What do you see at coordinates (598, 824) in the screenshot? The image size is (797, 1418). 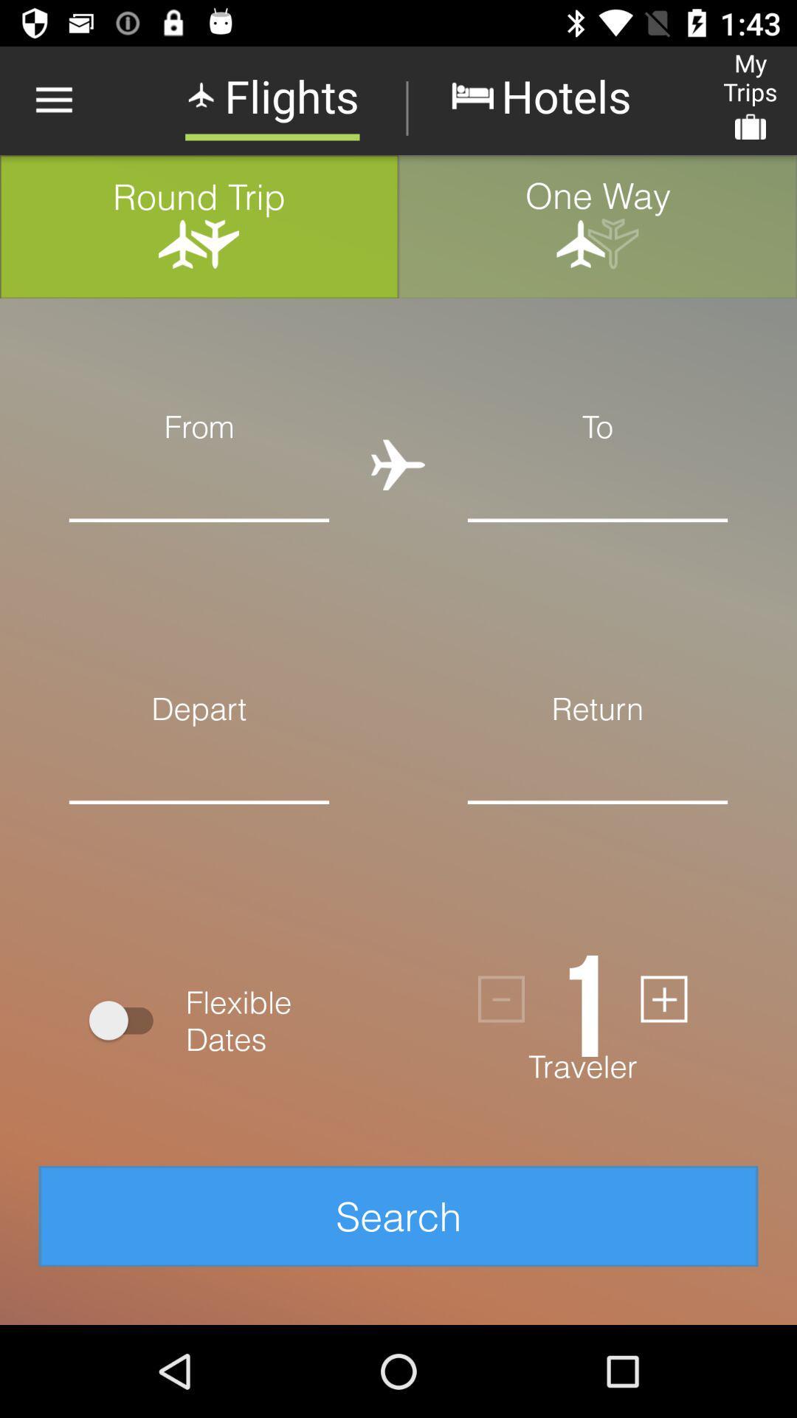 I see `return date of flight` at bounding box center [598, 824].